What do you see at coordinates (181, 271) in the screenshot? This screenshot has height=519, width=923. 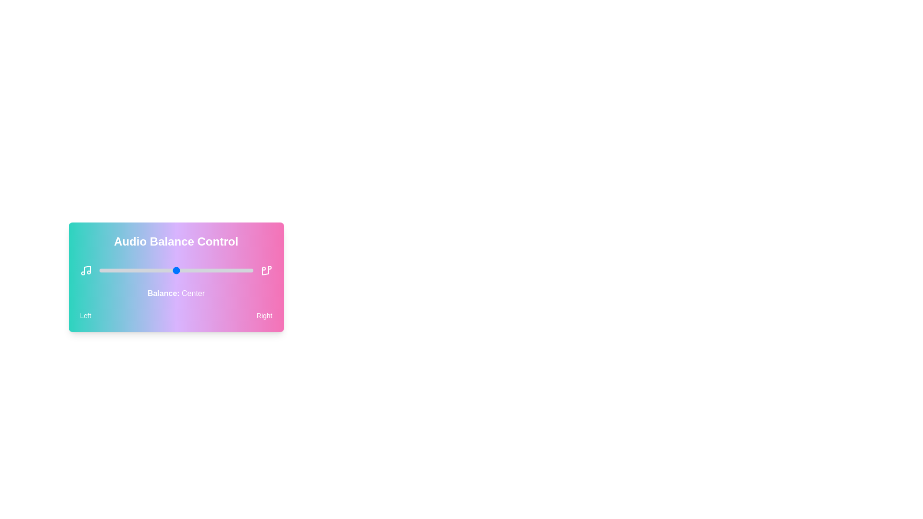 I see `the audio balance slider to 53 percent` at bounding box center [181, 271].